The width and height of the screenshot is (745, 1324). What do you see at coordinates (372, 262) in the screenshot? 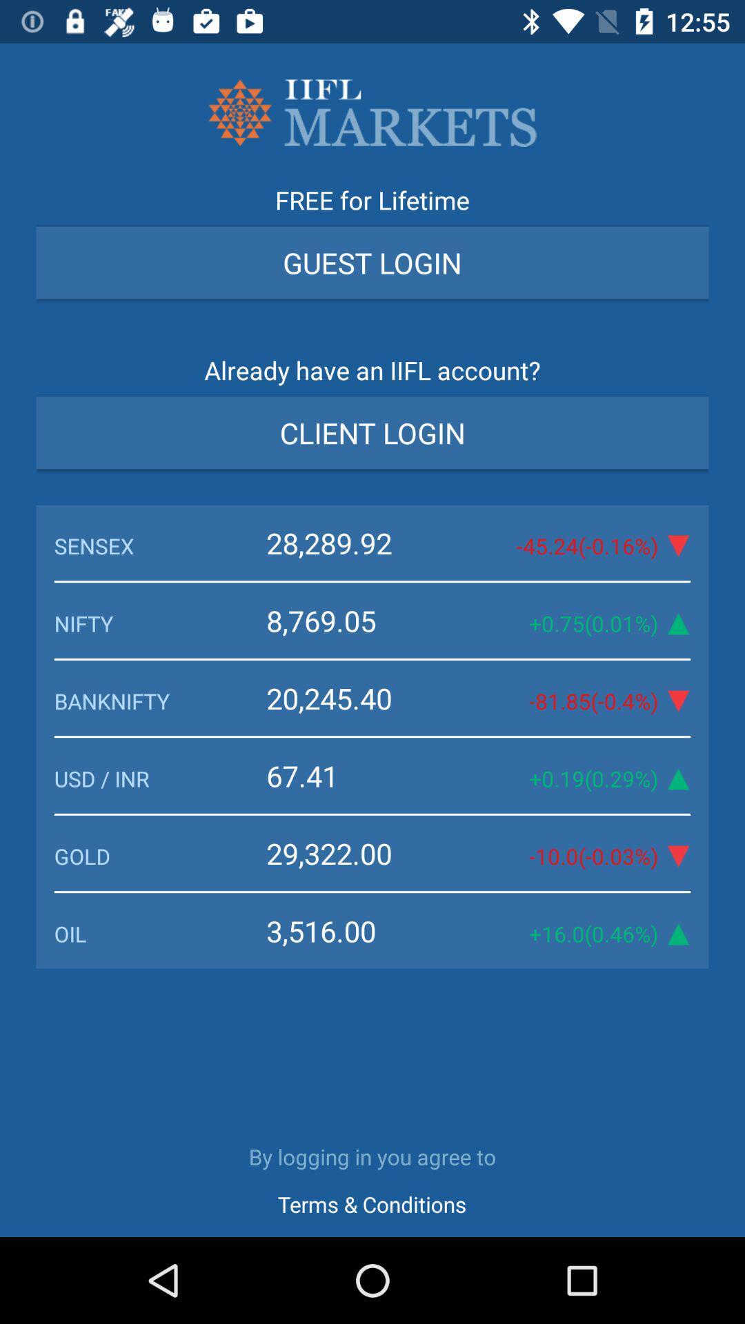
I see `the item above the already have an icon` at bounding box center [372, 262].